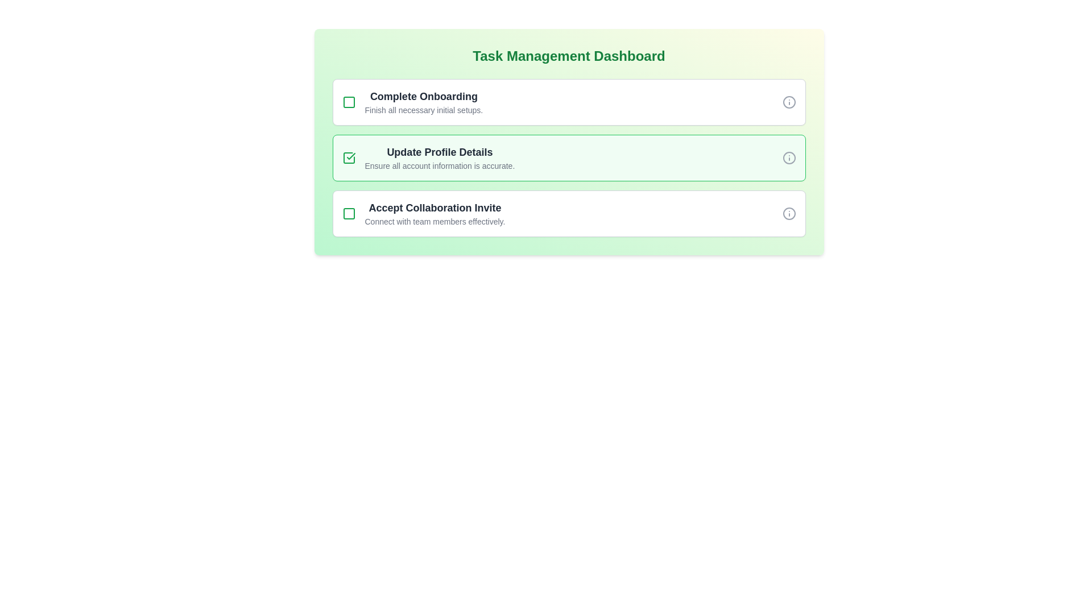 The width and height of the screenshot is (1092, 614). I want to click on the small circular gray icon with an 'information' symbol located at the far right end of the 'Accept Collaboration Invite' card, so click(788, 213).